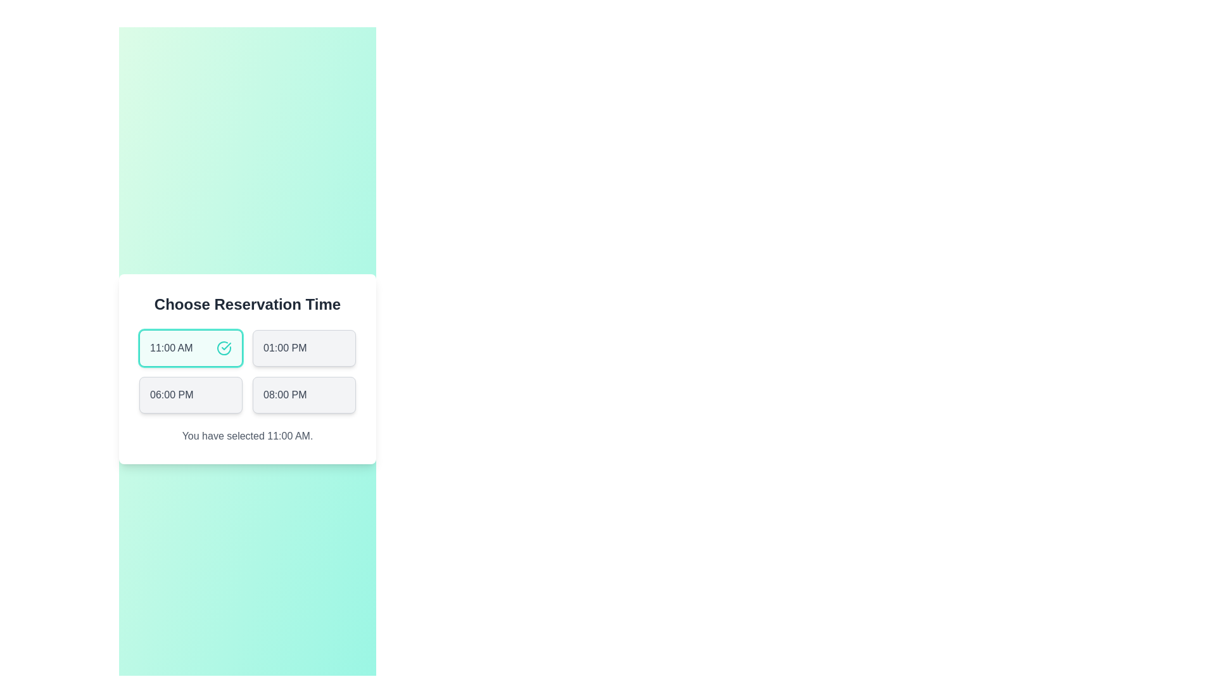 The height and width of the screenshot is (684, 1216). What do you see at coordinates (190, 348) in the screenshot?
I see `the '11:00 AM' time slot button` at bounding box center [190, 348].